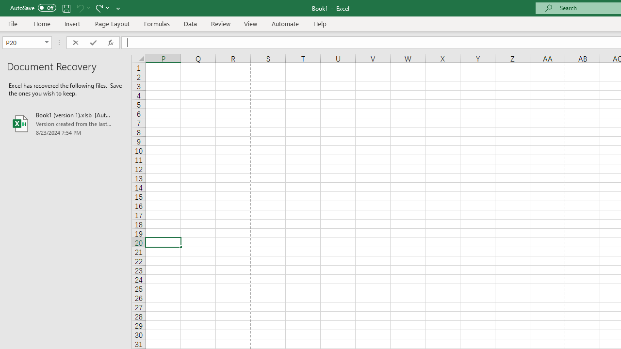 This screenshot has width=621, height=349. I want to click on 'Home', so click(41, 23).